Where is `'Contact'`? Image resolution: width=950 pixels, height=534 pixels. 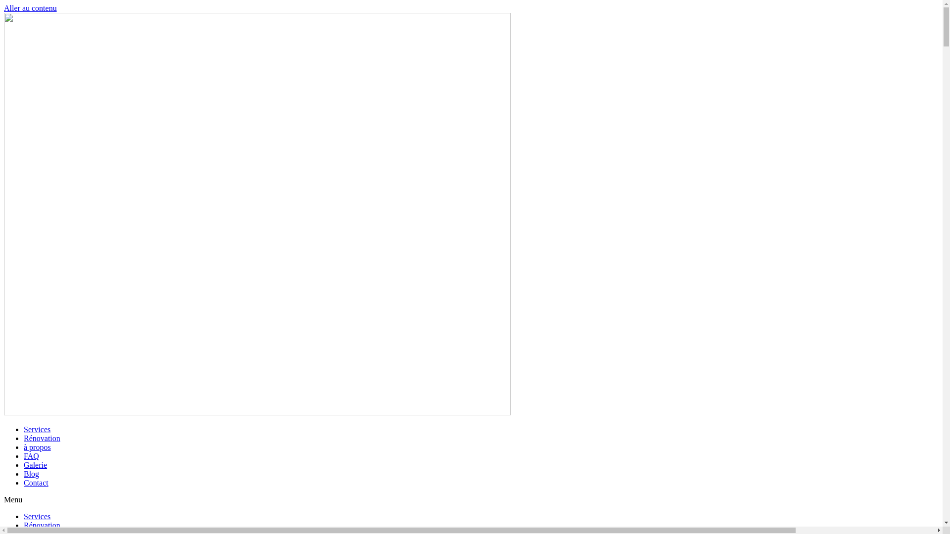
'Contact' is located at coordinates (36, 482).